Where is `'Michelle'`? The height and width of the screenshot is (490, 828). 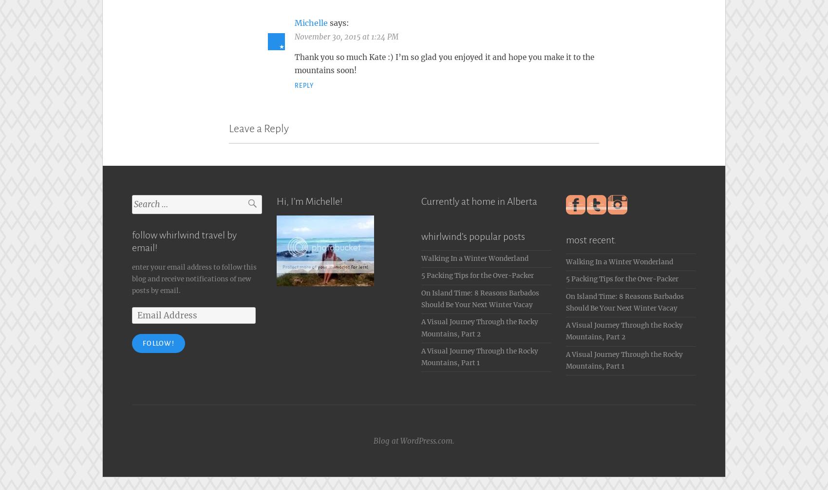
'Michelle' is located at coordinates (311, 20).